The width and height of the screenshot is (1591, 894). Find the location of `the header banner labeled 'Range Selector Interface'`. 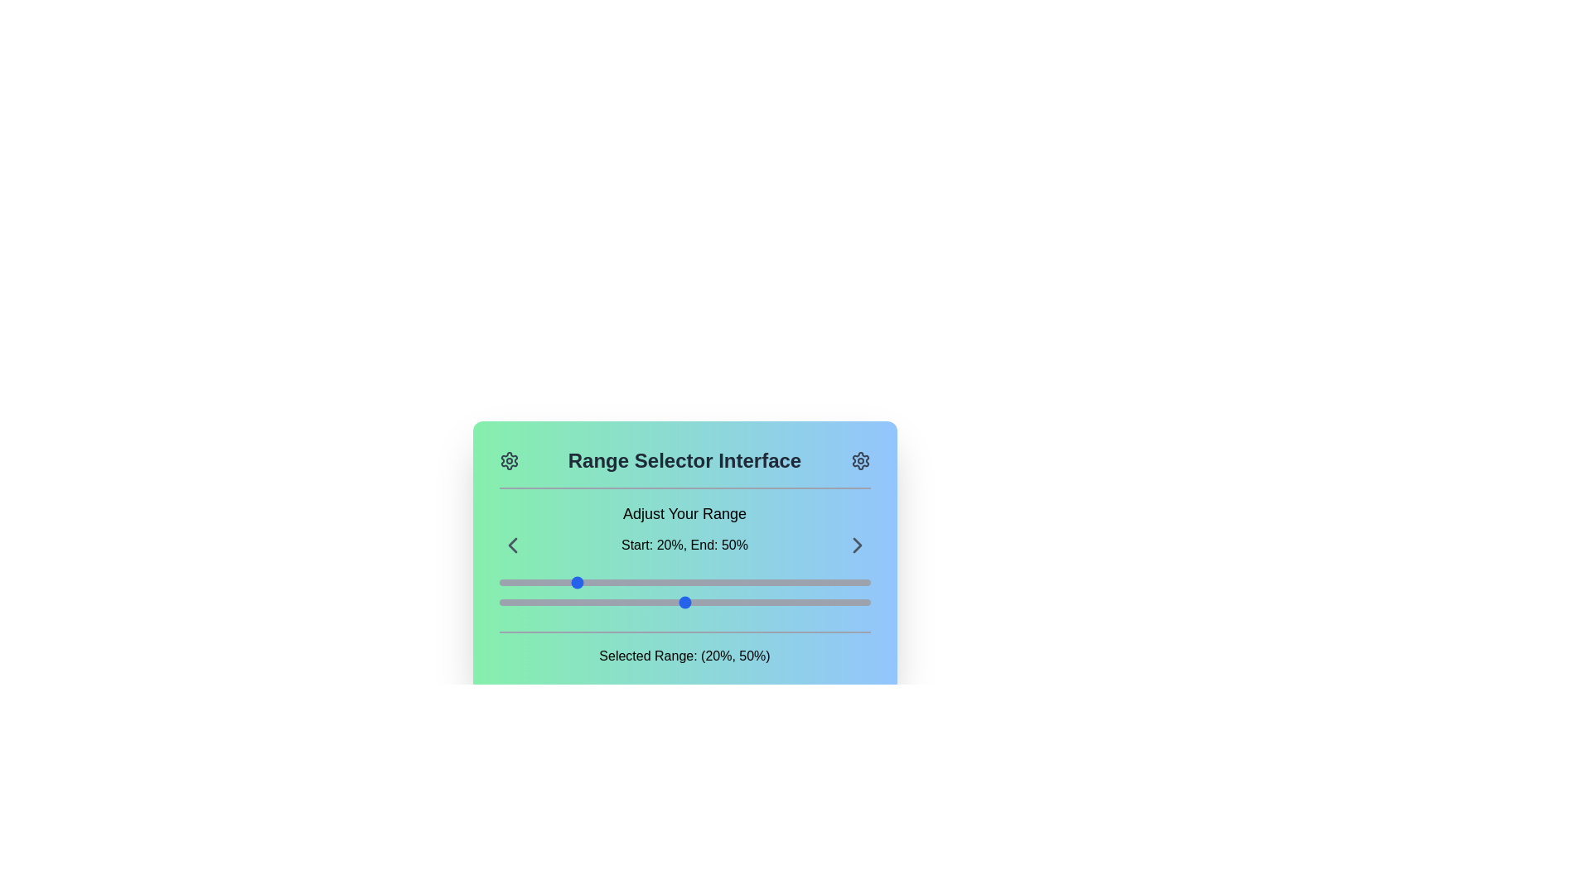

the header banner labeled 'Range Selector Interface' is located at coordinates (684, 469).